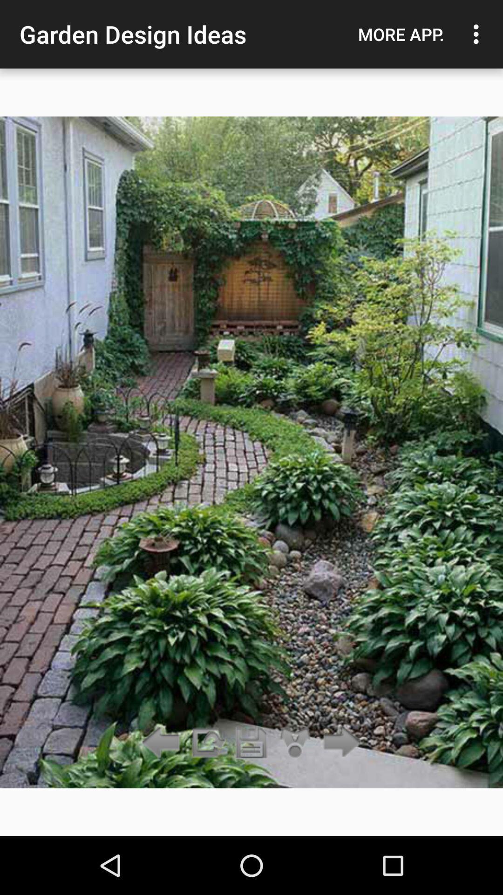  Describe the element at coordinates (401, 34) in the screenshot. I see `app next to the garden design ideas app` at that location.